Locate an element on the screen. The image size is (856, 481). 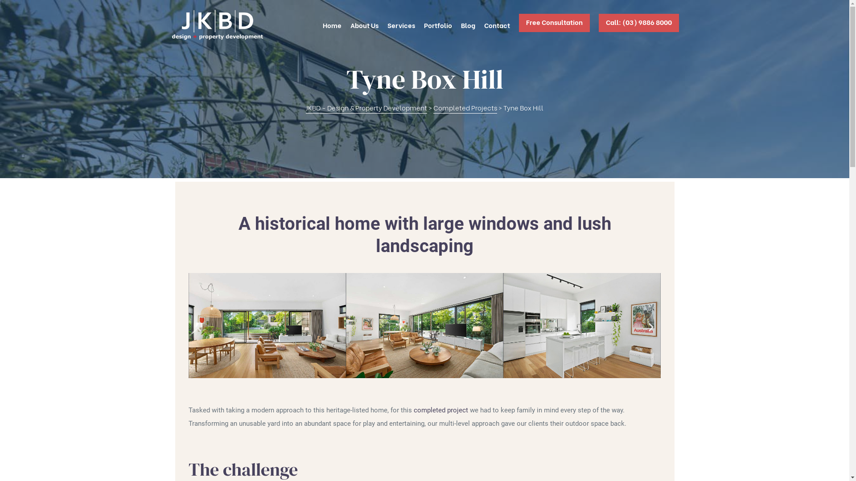
'JKBD - Design & Property Development' is located at coordinates (366, 107).